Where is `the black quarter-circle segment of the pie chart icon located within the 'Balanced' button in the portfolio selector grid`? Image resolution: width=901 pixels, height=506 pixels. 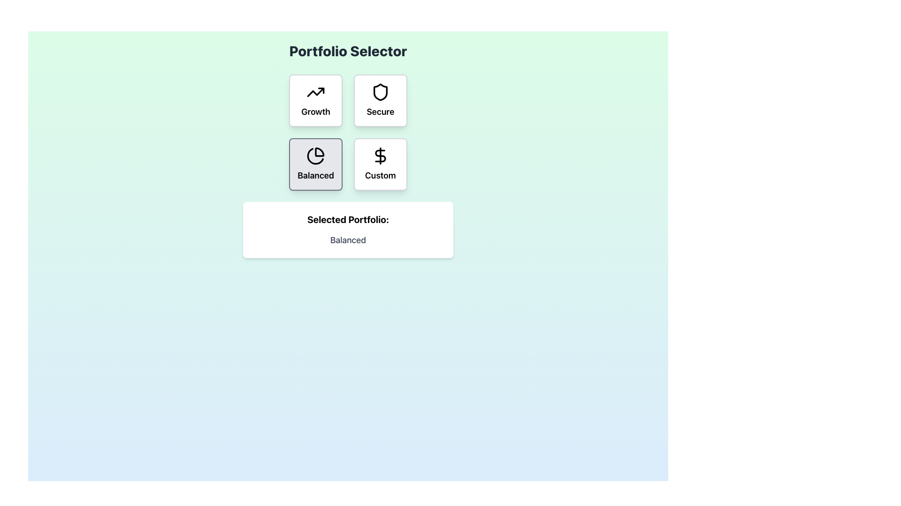
the black quarter-circle segment of the pie chart icon located within the 'Balanced' button in the portfolio selector grid is located at coordinates (320, 151).